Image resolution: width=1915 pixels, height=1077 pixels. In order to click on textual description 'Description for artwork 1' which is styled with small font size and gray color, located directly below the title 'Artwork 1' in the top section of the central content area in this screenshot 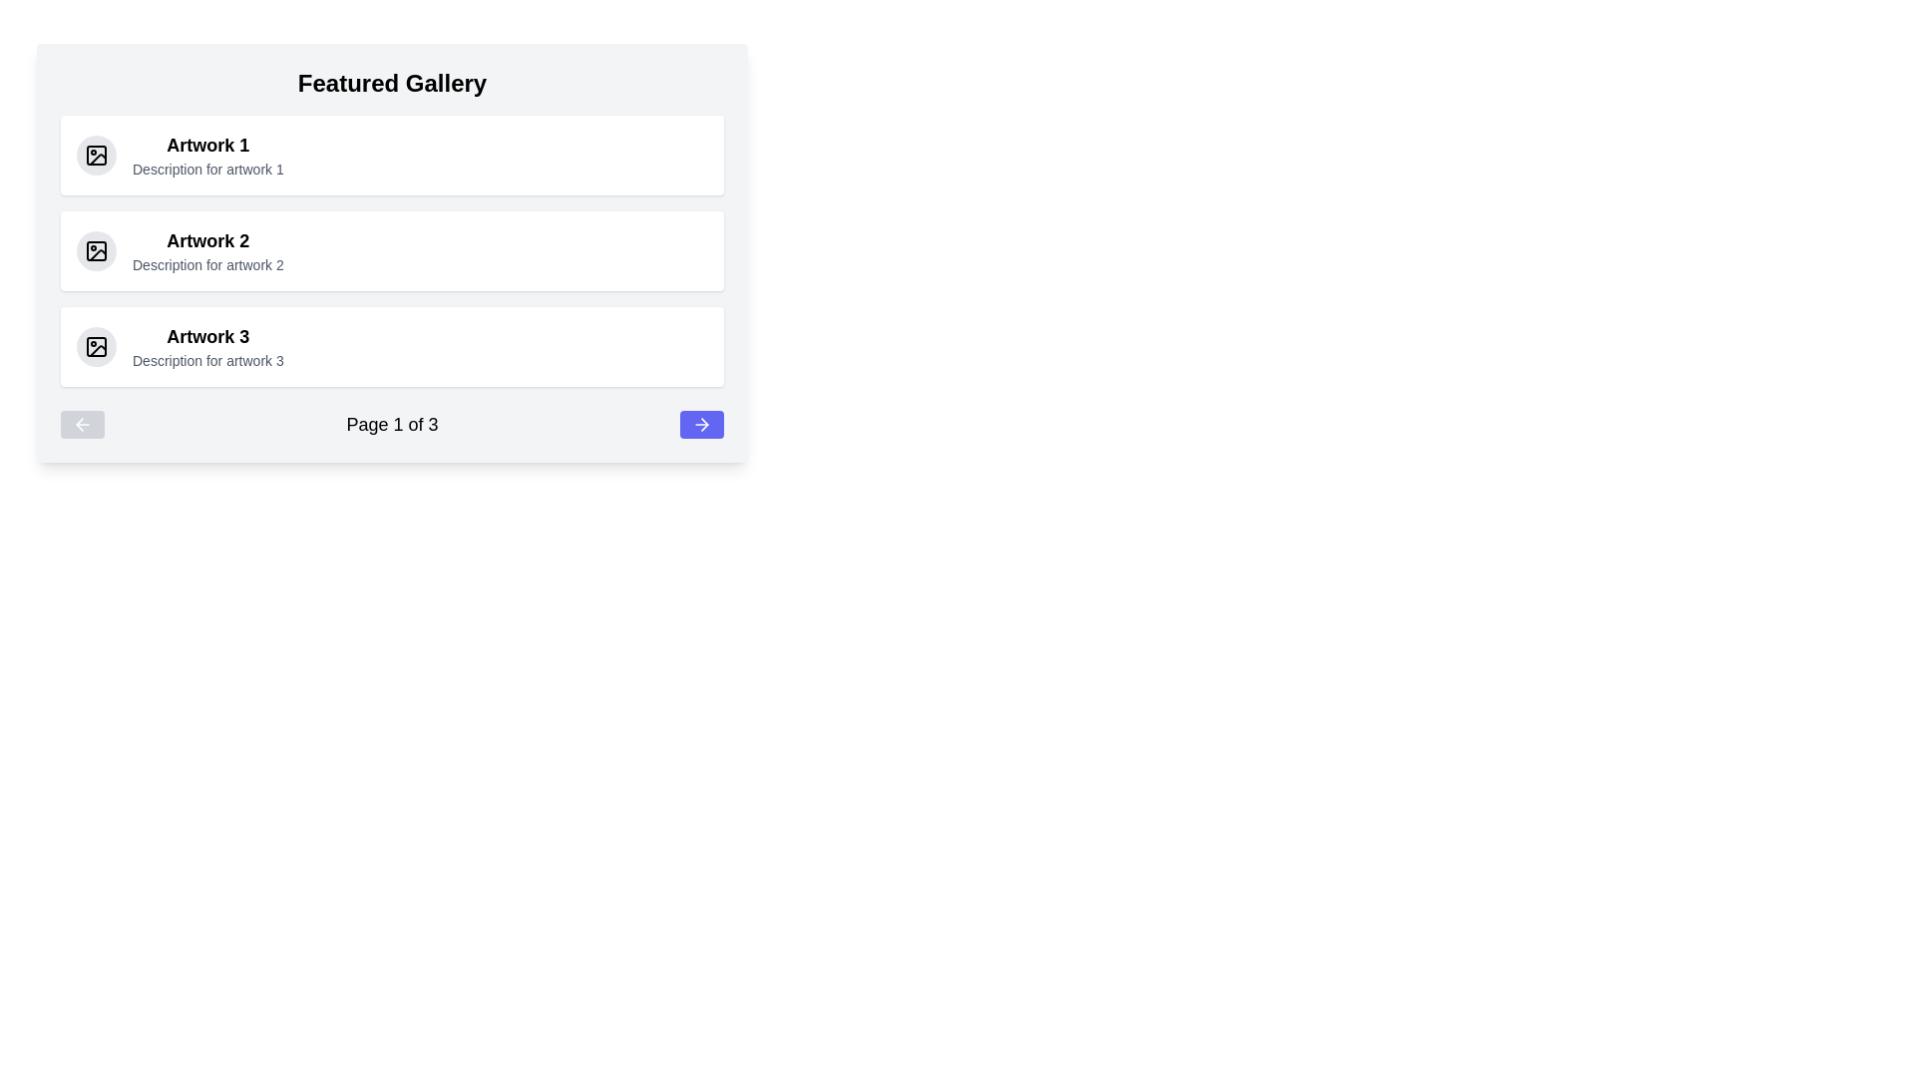, I will do `click(207, 168)`.